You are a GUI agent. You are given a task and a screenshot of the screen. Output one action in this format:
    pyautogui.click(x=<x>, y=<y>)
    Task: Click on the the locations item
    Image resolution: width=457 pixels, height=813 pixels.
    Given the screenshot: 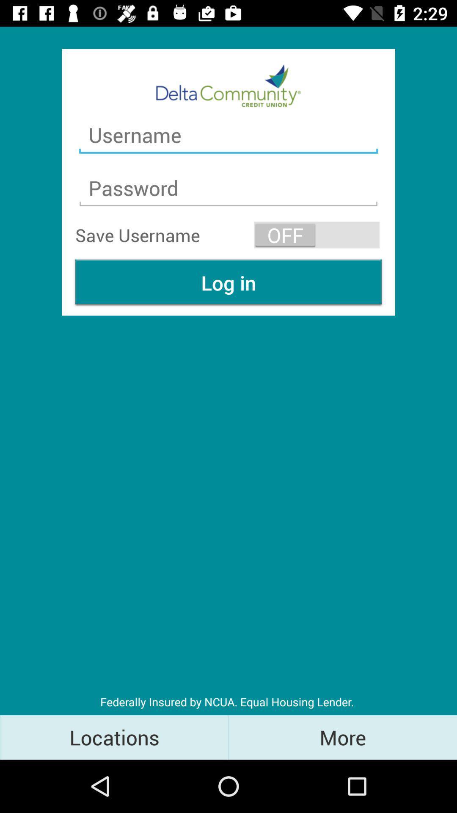 What is the action you would take?
    pyautogui.click(x=114, y=737)
    